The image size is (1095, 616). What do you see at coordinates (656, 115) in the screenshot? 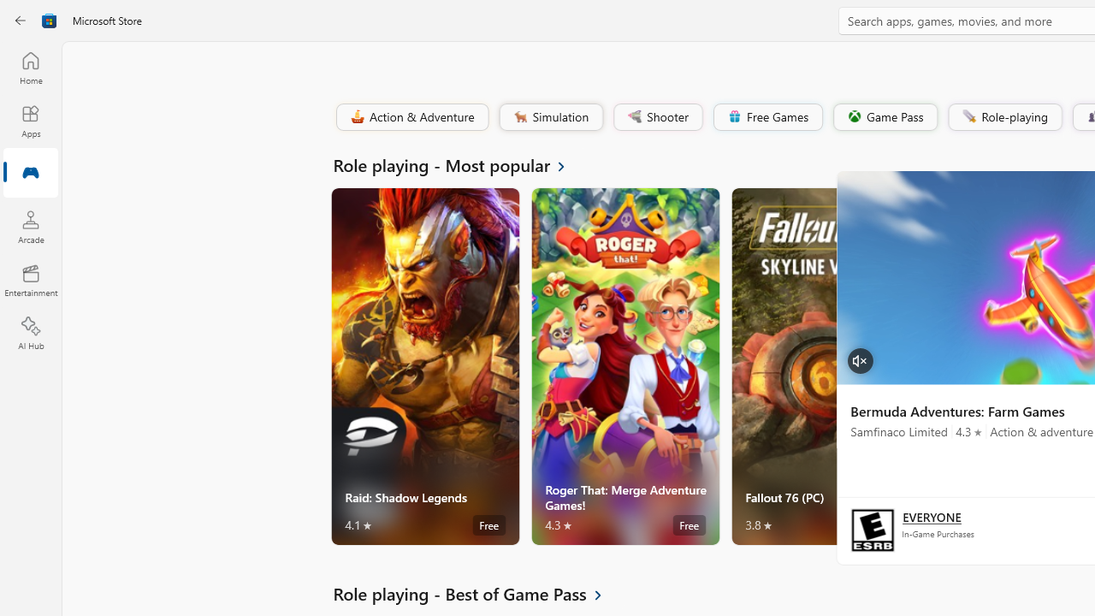
I see `'Shooter'` at bounding box center [656, 115].